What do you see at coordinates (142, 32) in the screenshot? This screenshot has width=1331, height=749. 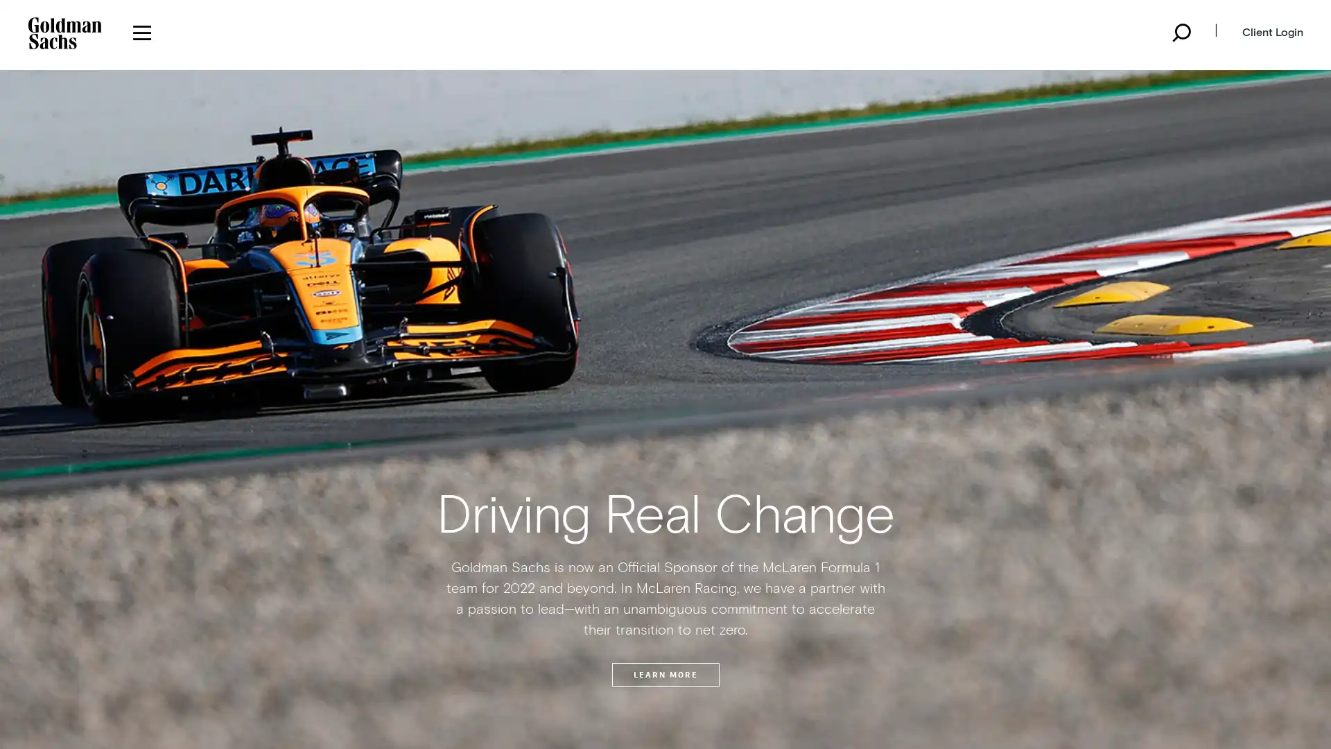 I see `toggle menu` at bounding box center [142, 32].